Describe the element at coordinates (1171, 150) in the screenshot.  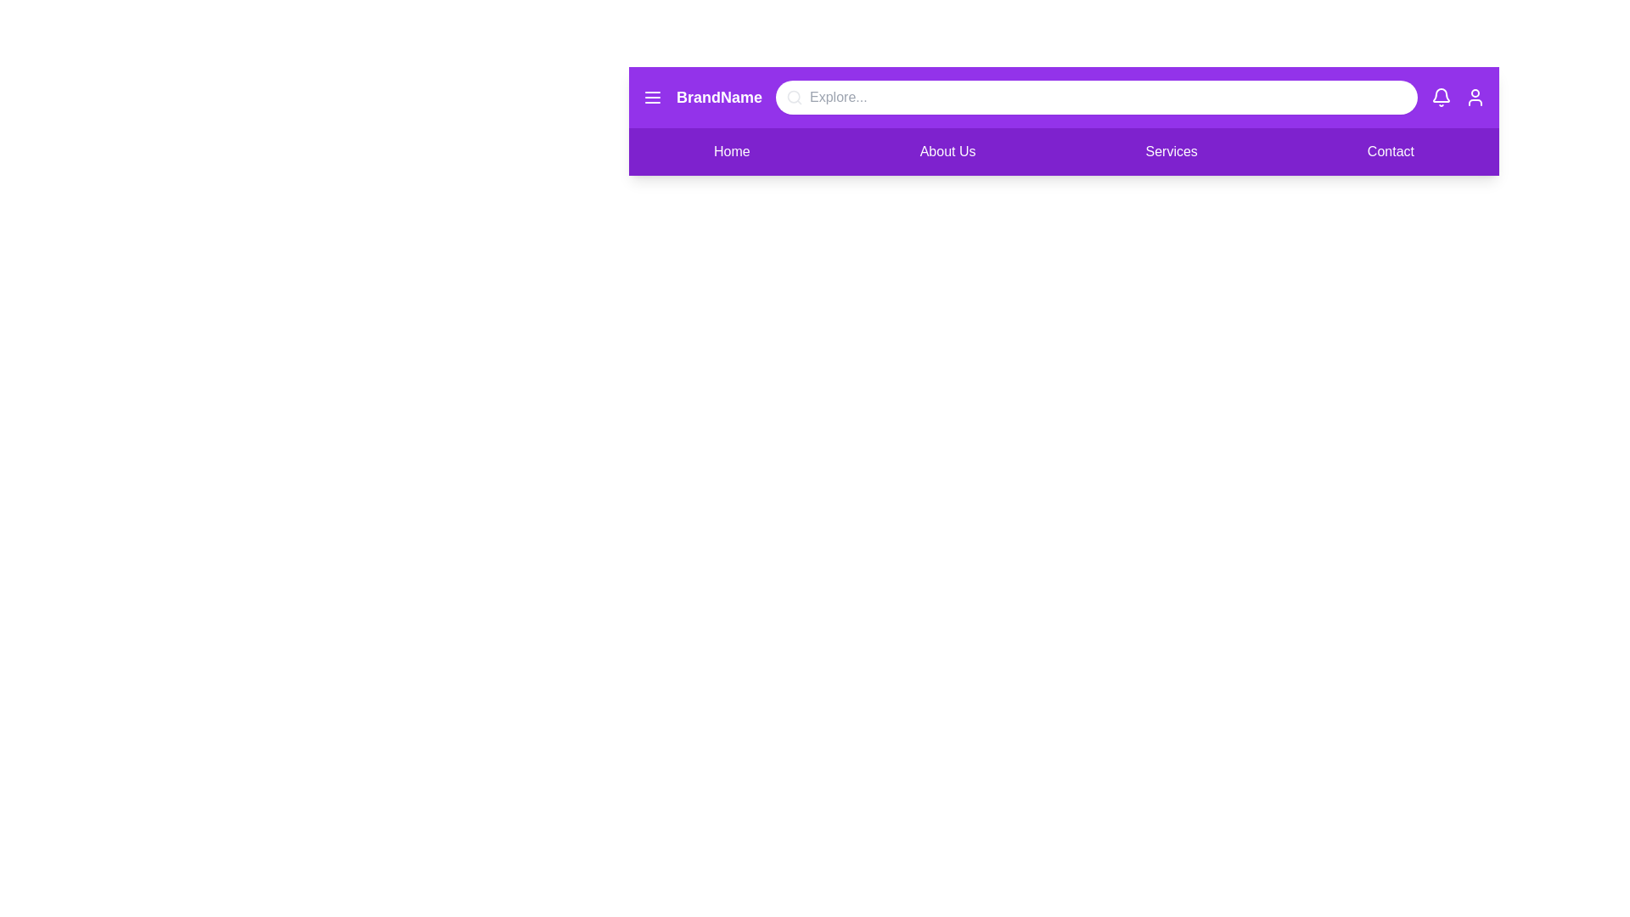
I see `the Services link in the navigation menu` at that location.